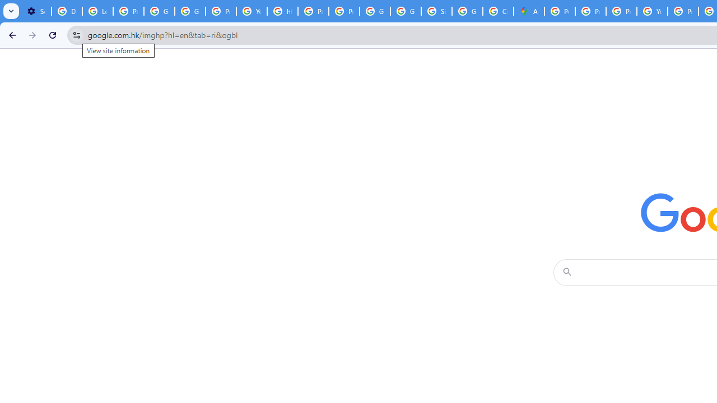 Image resolution: width=717 pixels, height=403 pixels. I want to click on 'Delete photos & videos - Computer - Google Photos Help', so click(66, 11).